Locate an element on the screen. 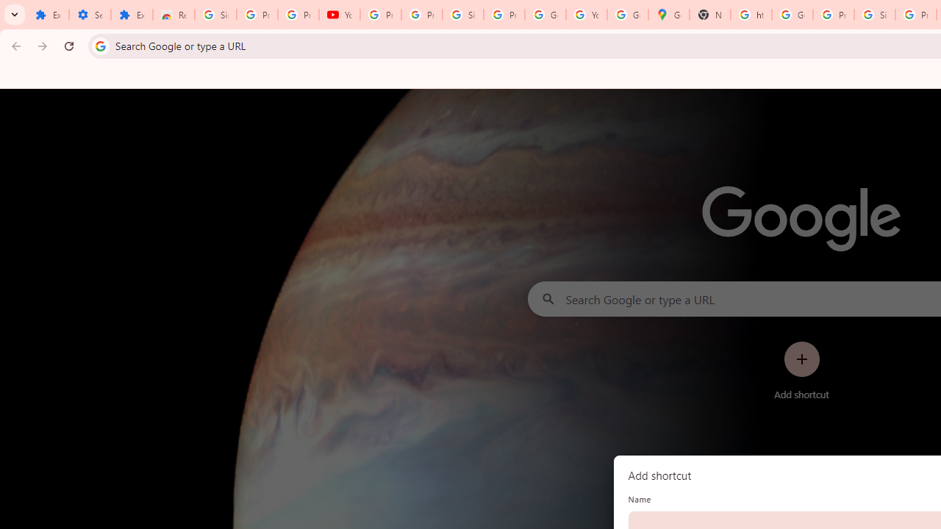 The image size is (941, 529). 'New Tab' is located at coordinates (710, 15).